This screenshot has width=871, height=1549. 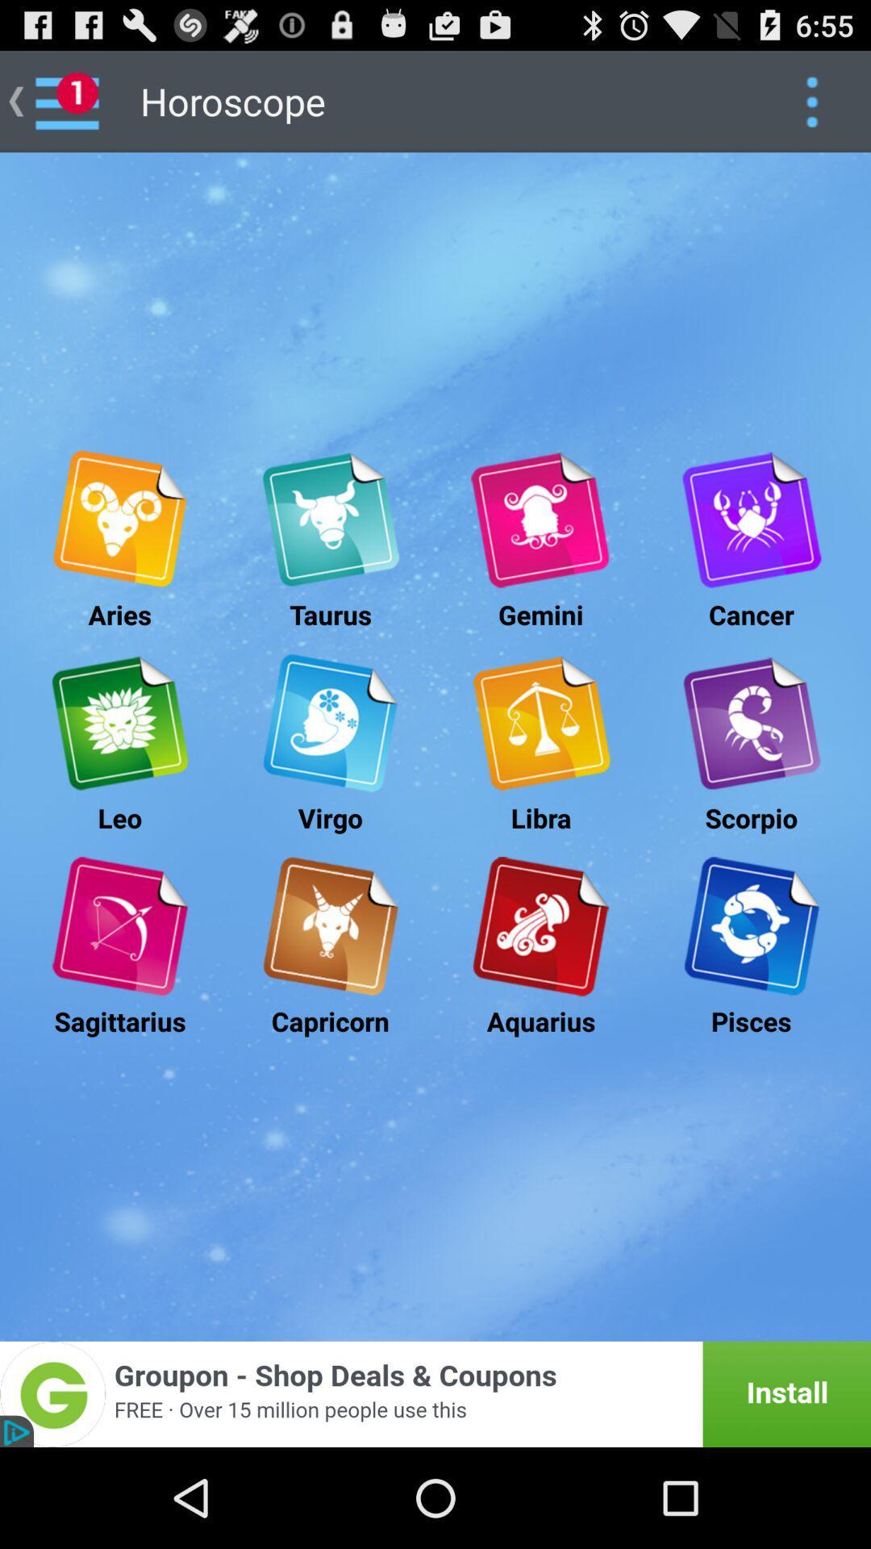 What do you see at coordinates (119, 722) in the screenshot?
I see `leo` at bounding box center [119, 722].